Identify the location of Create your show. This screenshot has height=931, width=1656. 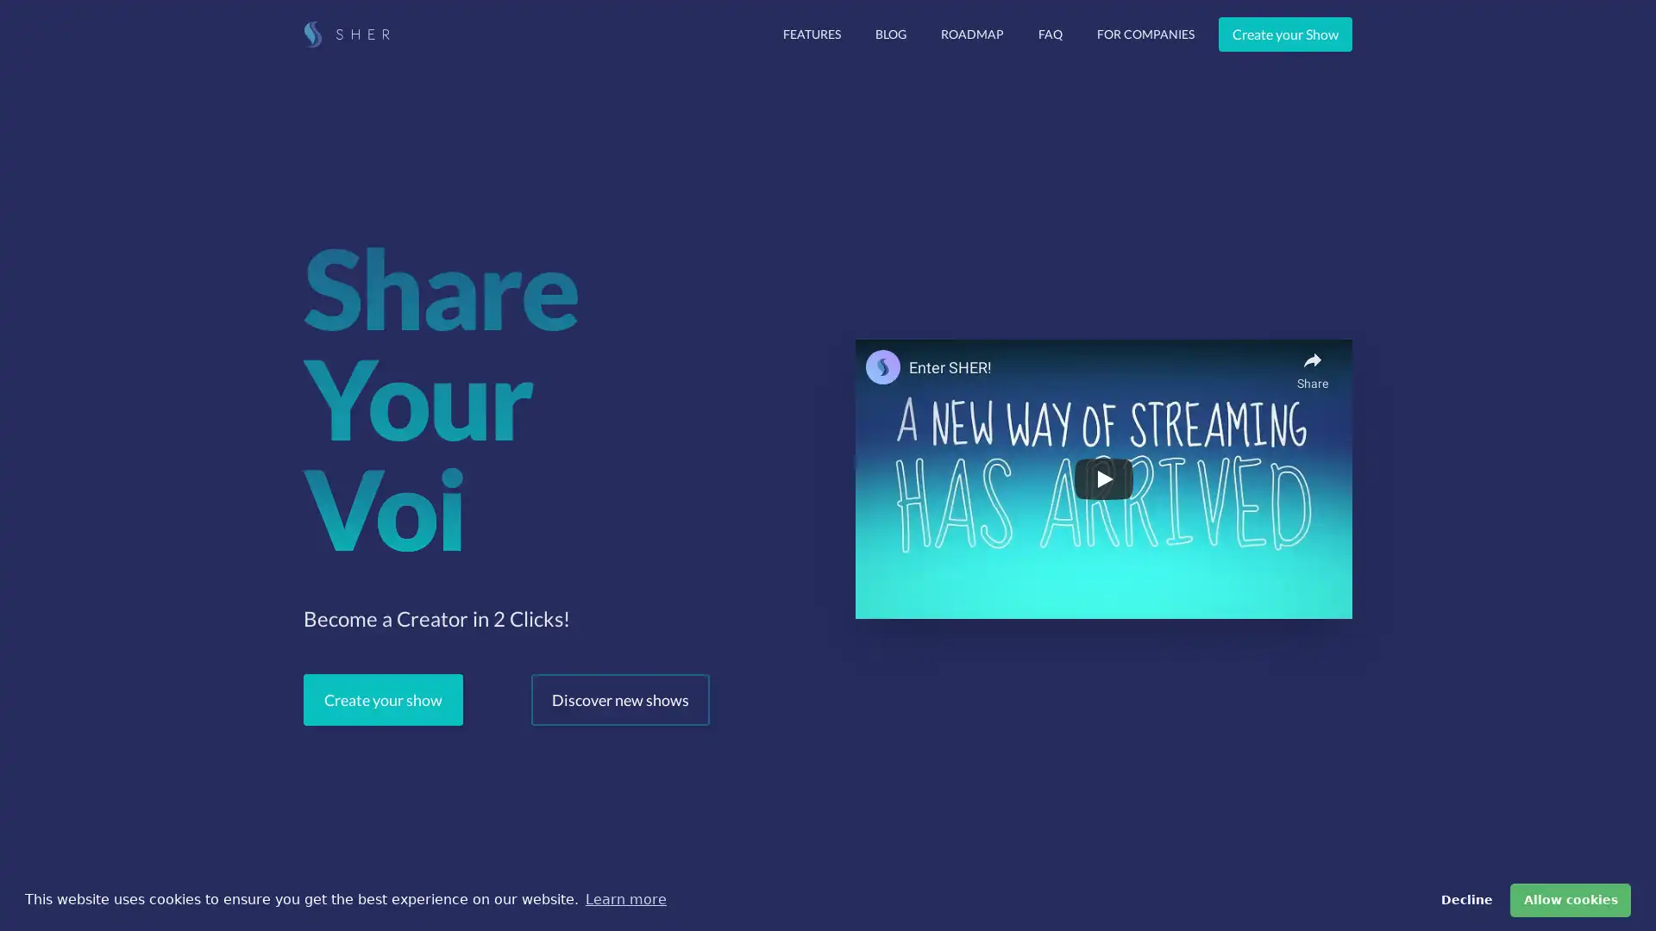
(382, 700).